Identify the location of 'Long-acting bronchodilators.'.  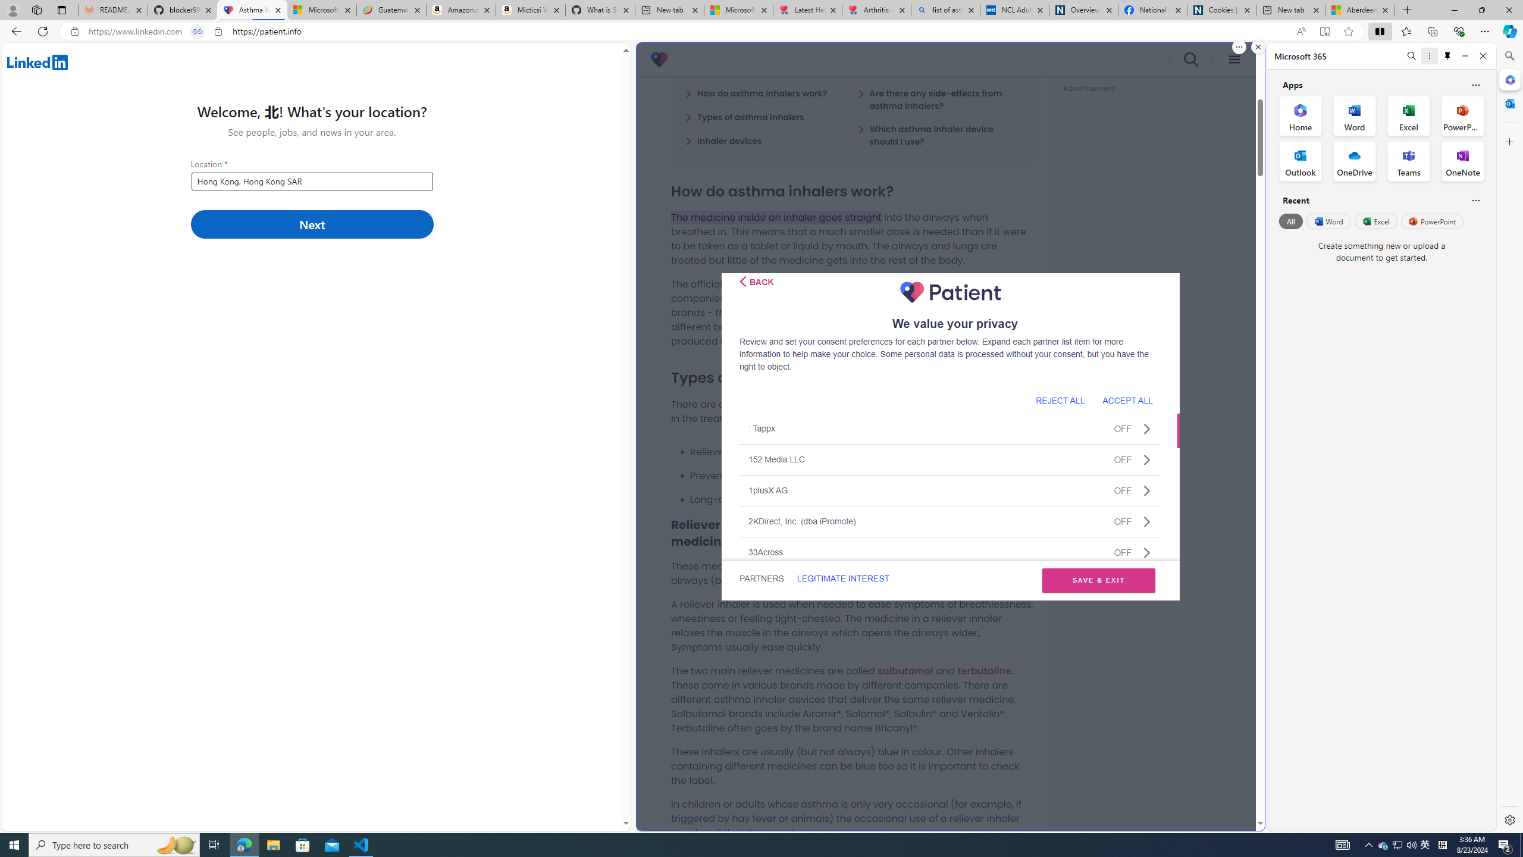
(861, 499).